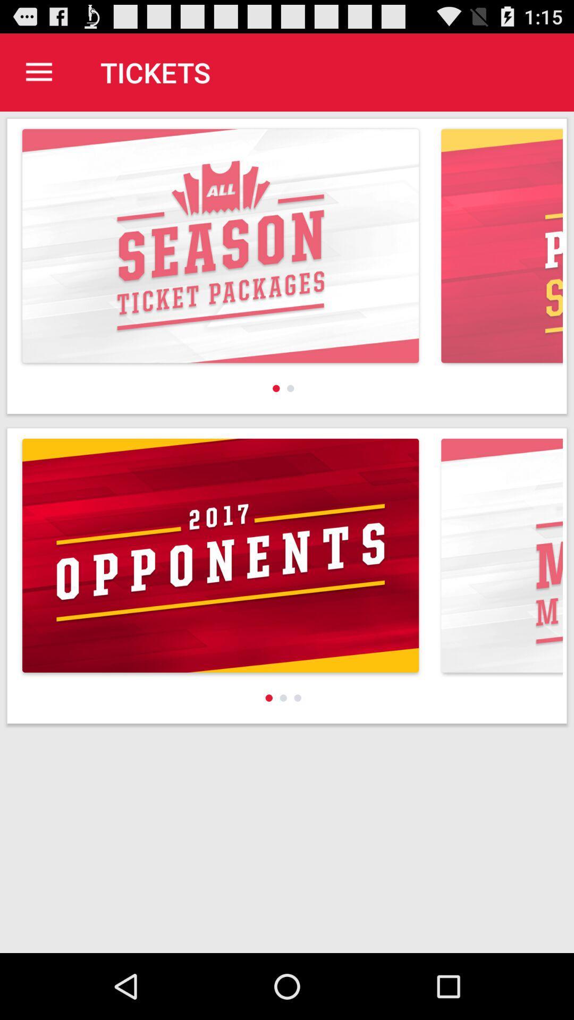 The height and width of the screenshot is (1020, 574). I want to click on the icon to the left of tickets app, so click(38, 72).